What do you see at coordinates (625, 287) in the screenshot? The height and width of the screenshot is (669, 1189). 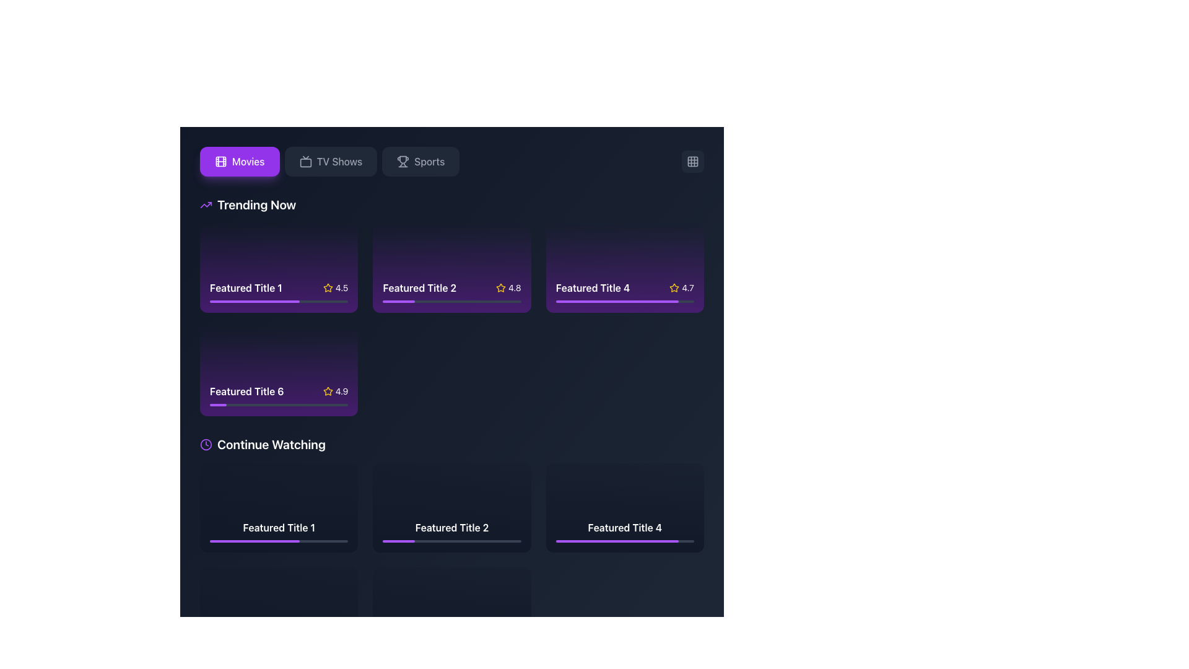 I see `the third item in the 'Trending Now' section, which displays the text 'Featured Title 4' and a yellow star icon with a rating of '4.7'` at bounding box center [625, 287].